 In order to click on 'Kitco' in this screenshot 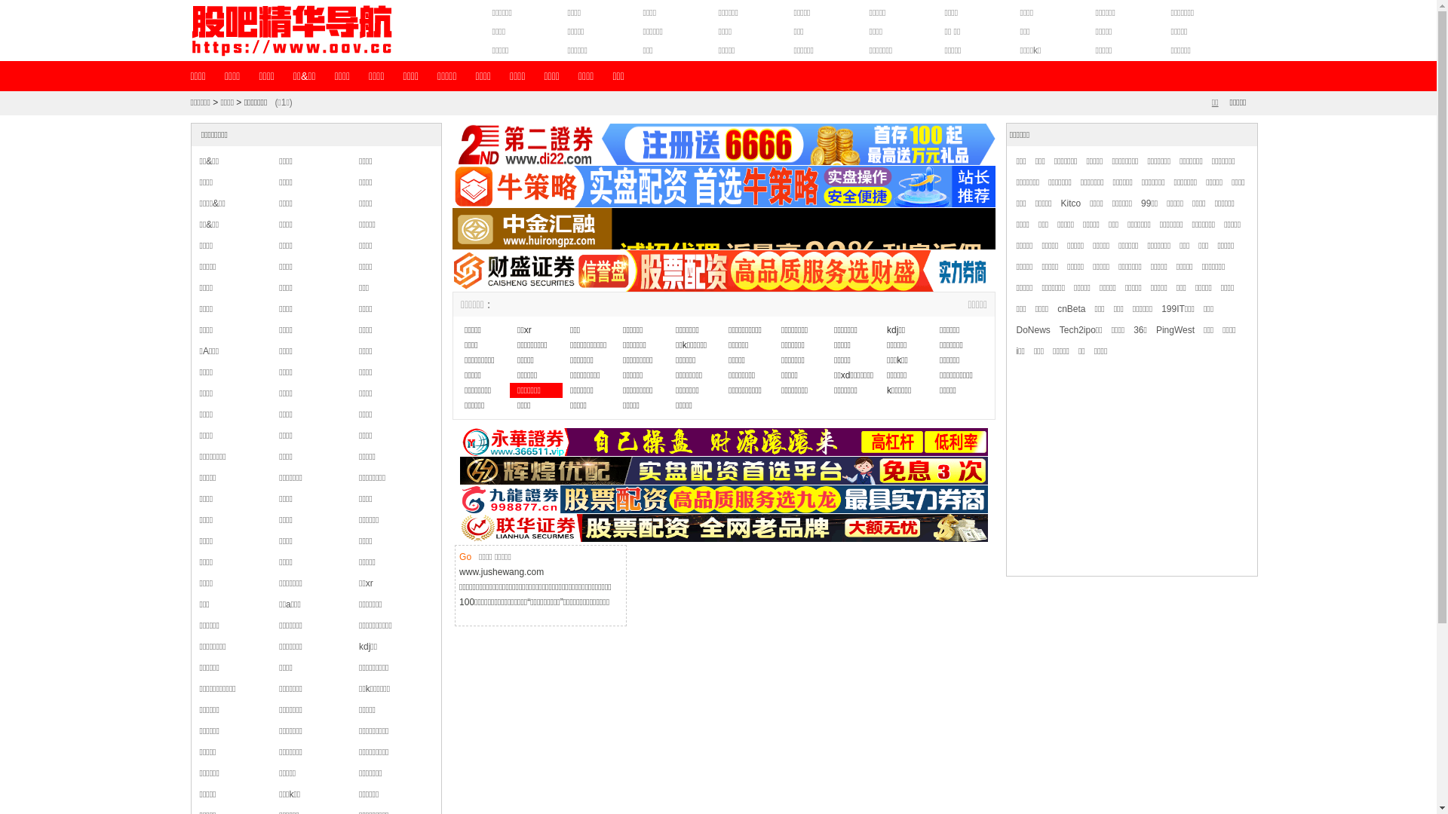, I will do `click(1070, 203)`.